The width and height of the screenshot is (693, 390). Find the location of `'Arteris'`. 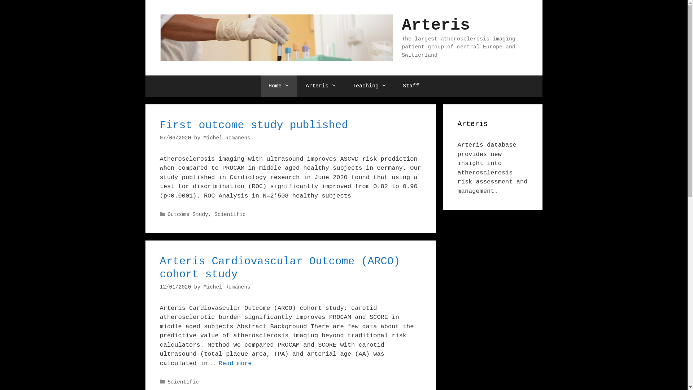

'Arteris' is located at coordinates (435, 25).